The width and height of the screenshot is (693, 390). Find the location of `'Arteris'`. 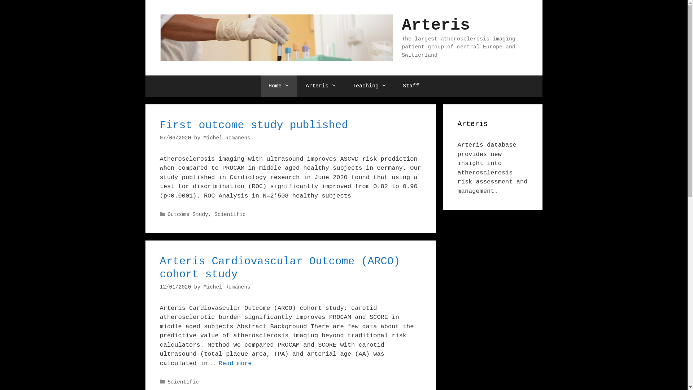

'Arteris' is located at coordinates (435, 25).